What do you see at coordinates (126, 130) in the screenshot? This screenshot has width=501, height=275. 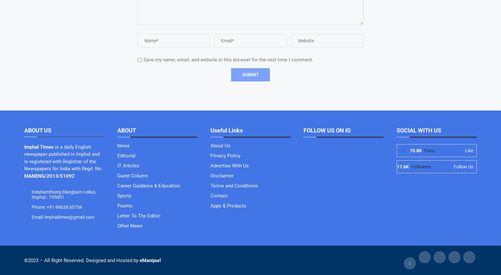 I see `'ABOUT'` at bounding box center [126, 130].